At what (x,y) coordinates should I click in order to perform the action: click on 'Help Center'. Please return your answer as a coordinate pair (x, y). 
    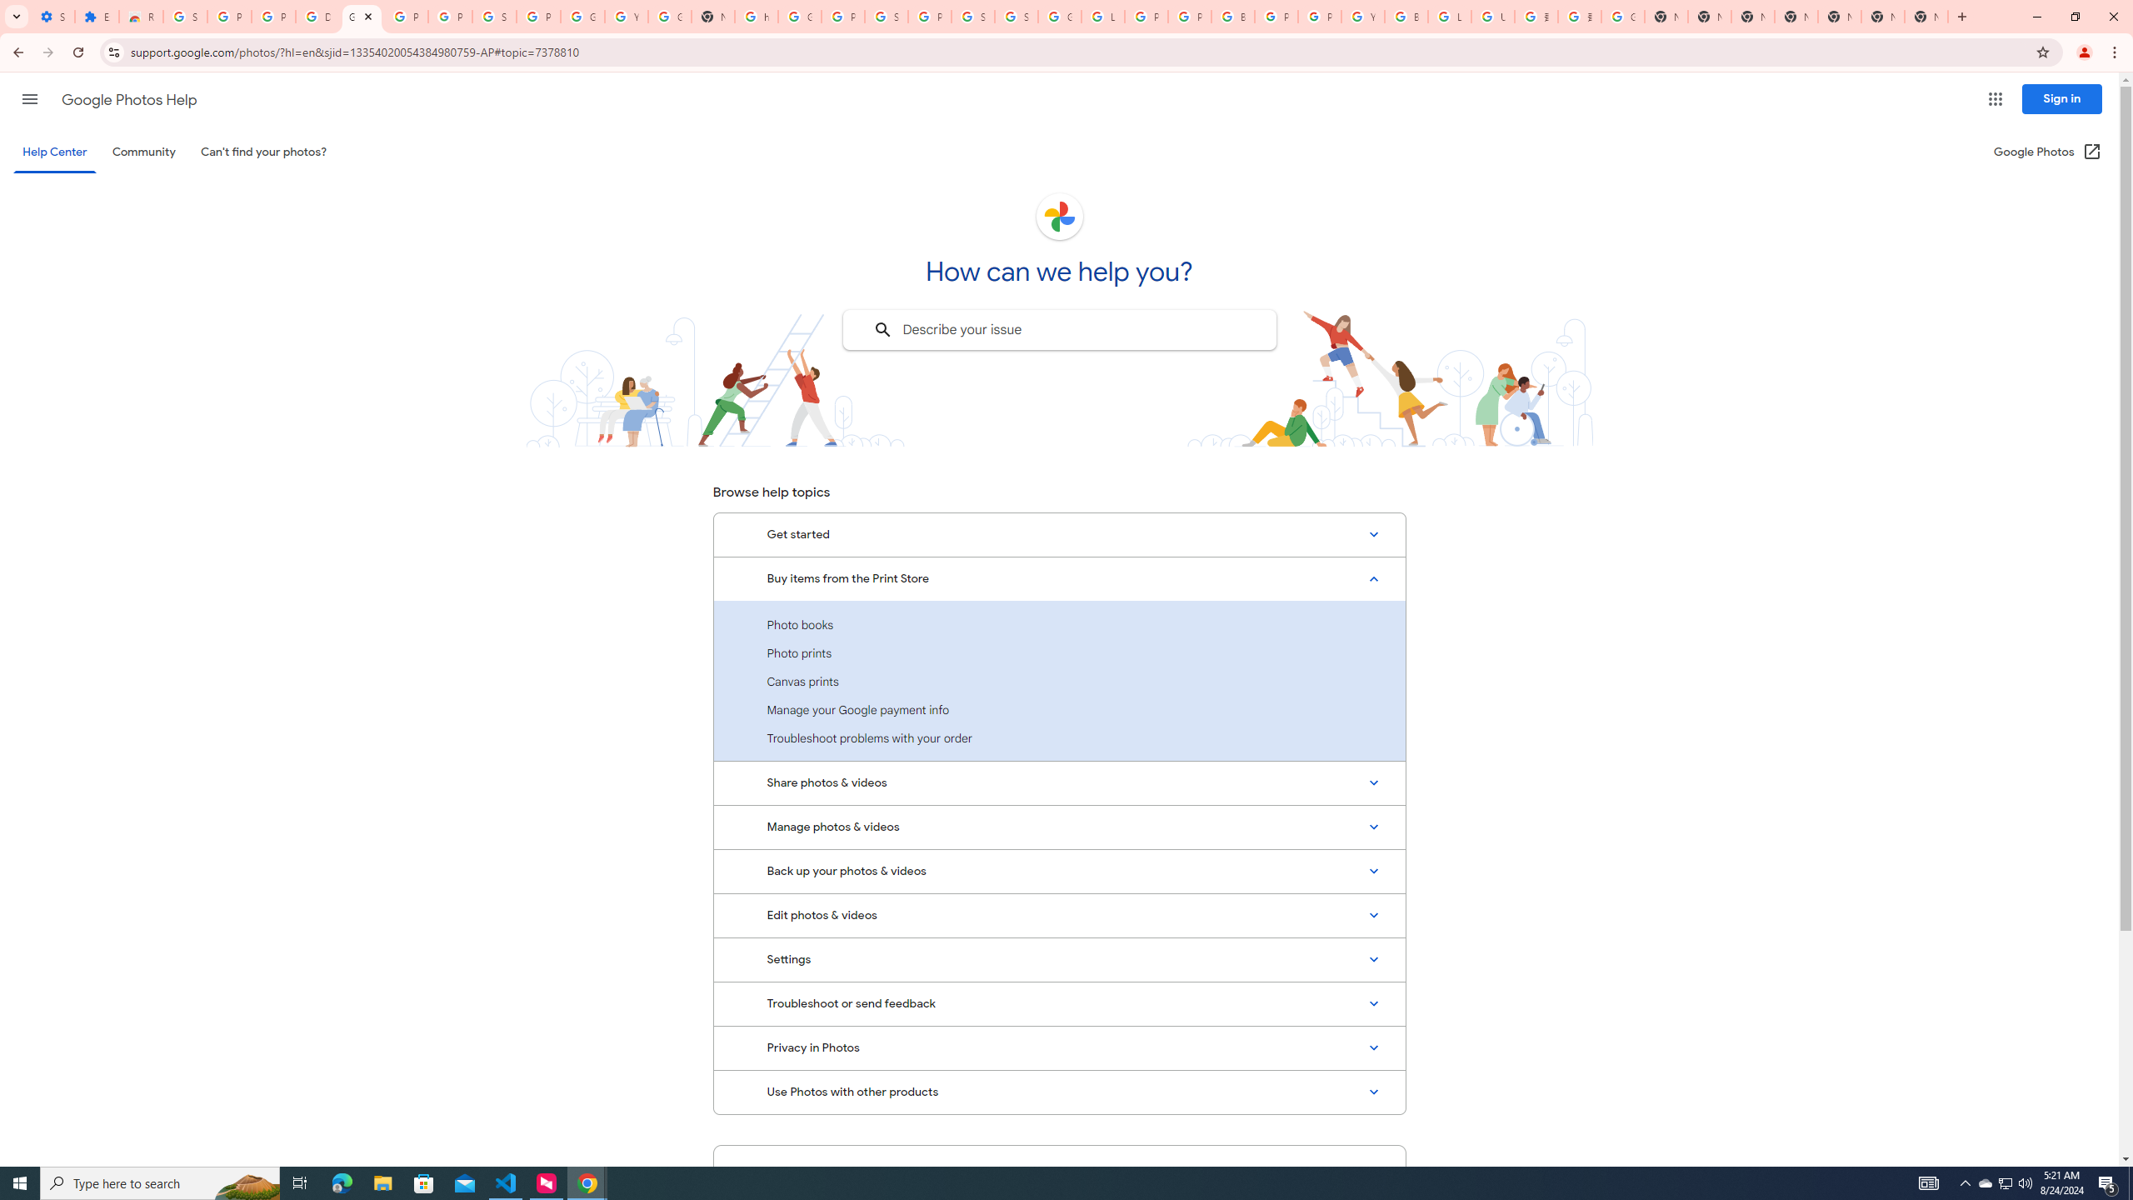
    Looking at the image, I should click on (54, 151).